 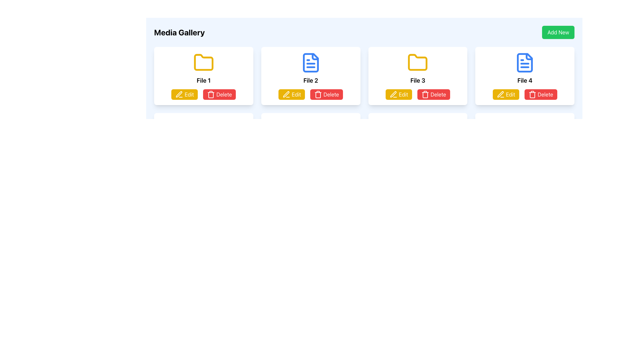 I want to click on the rectangular button with a yellow background and white text saying 'Edit', located in the lower section of the card for 'File 3', so click(x=398, y=94).